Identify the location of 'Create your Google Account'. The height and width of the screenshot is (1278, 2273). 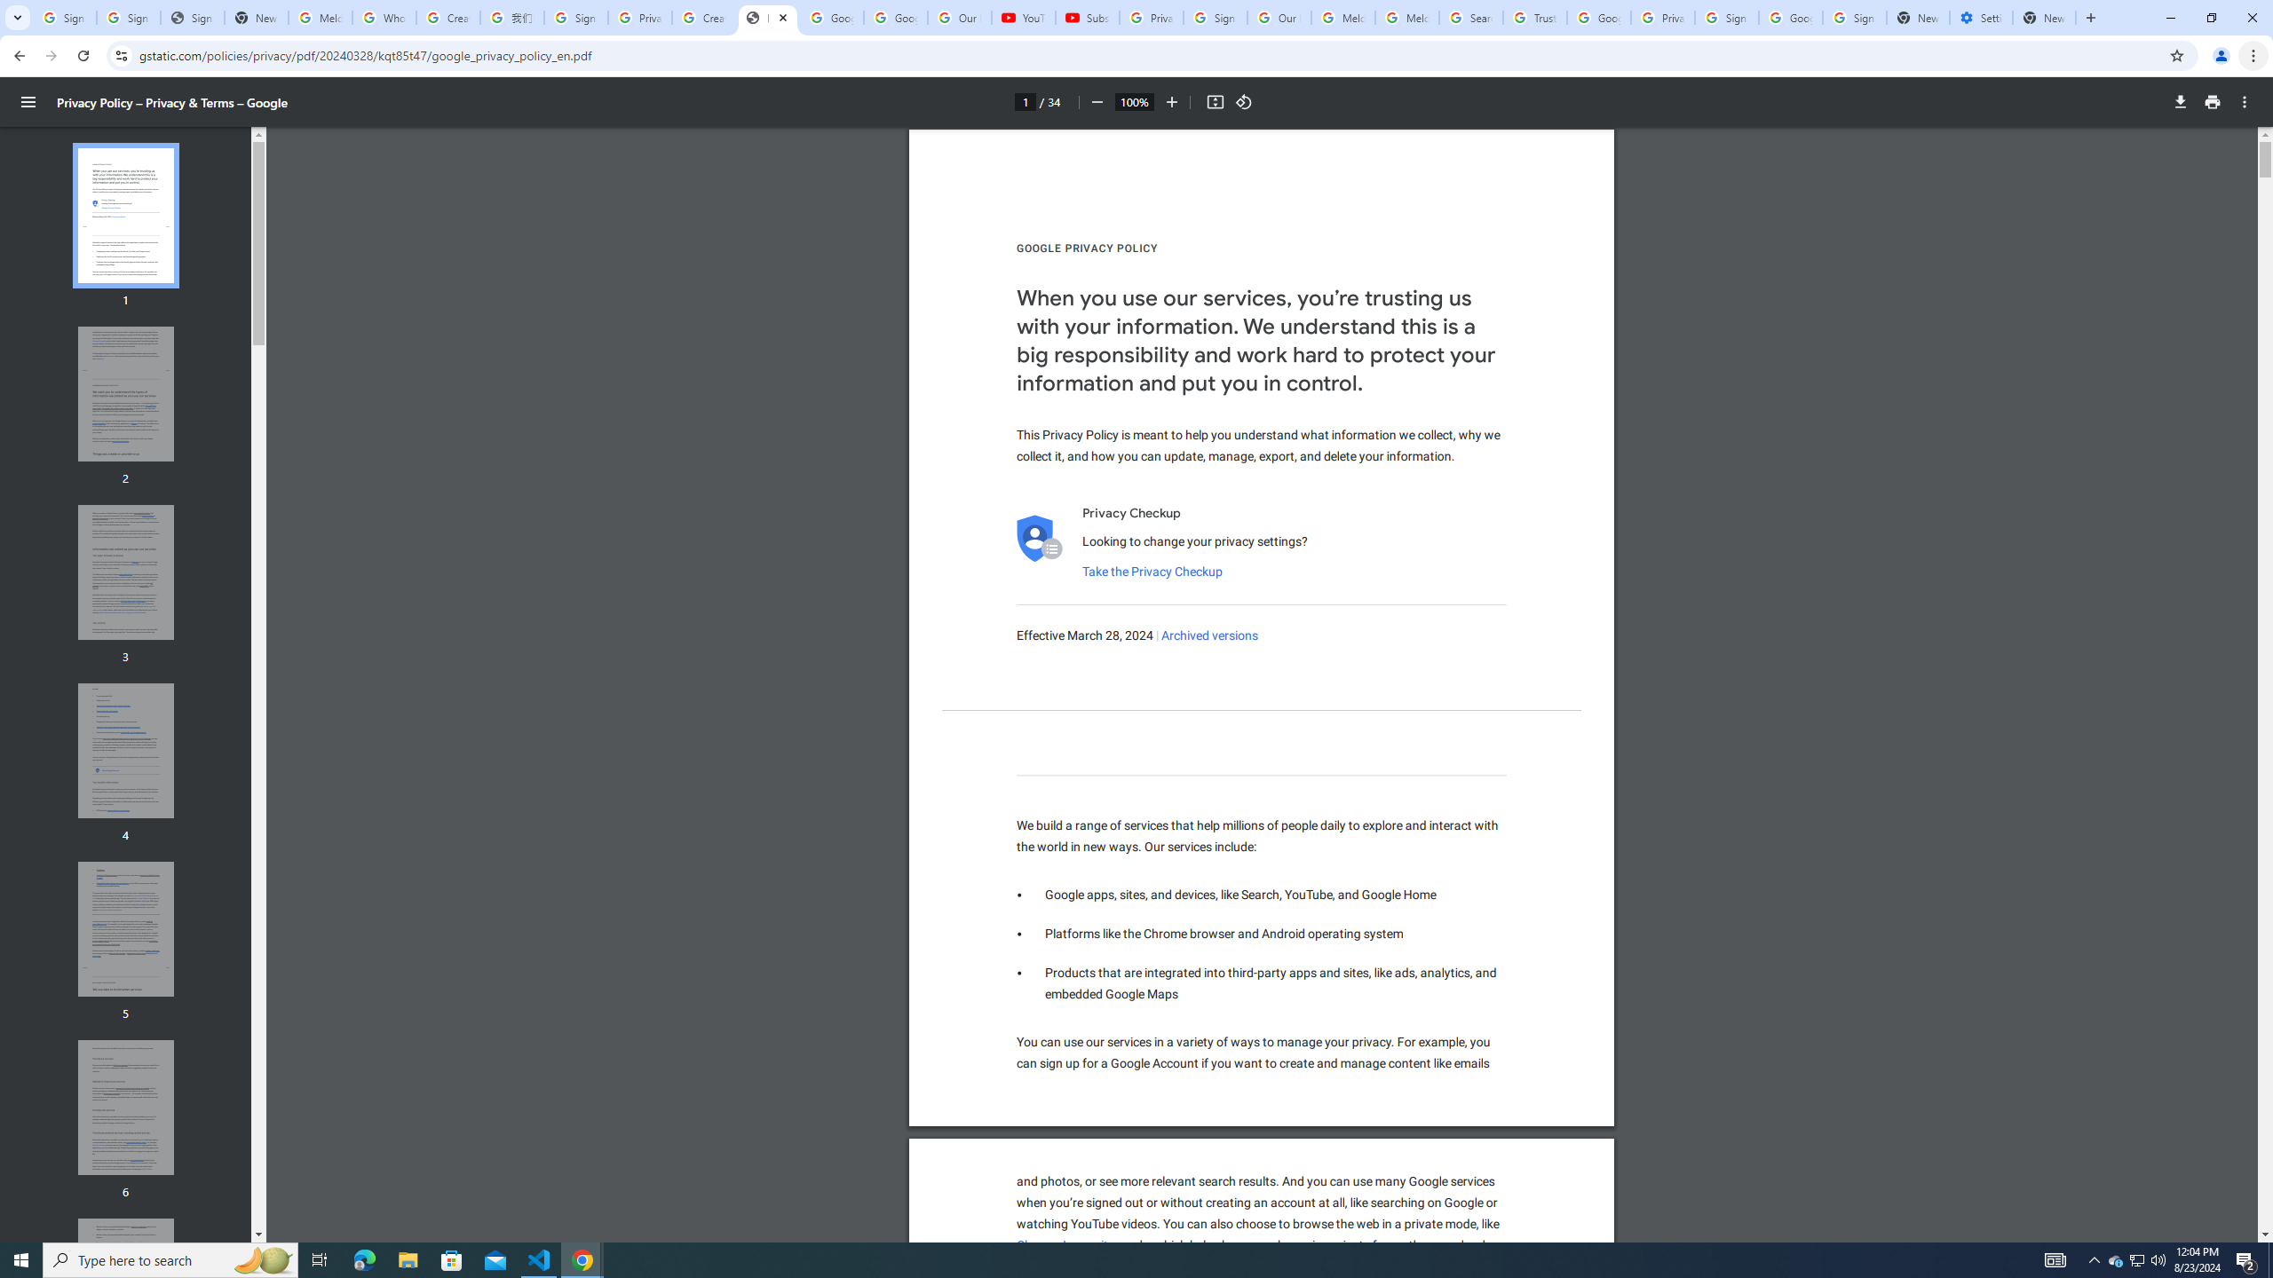
(702, 17).